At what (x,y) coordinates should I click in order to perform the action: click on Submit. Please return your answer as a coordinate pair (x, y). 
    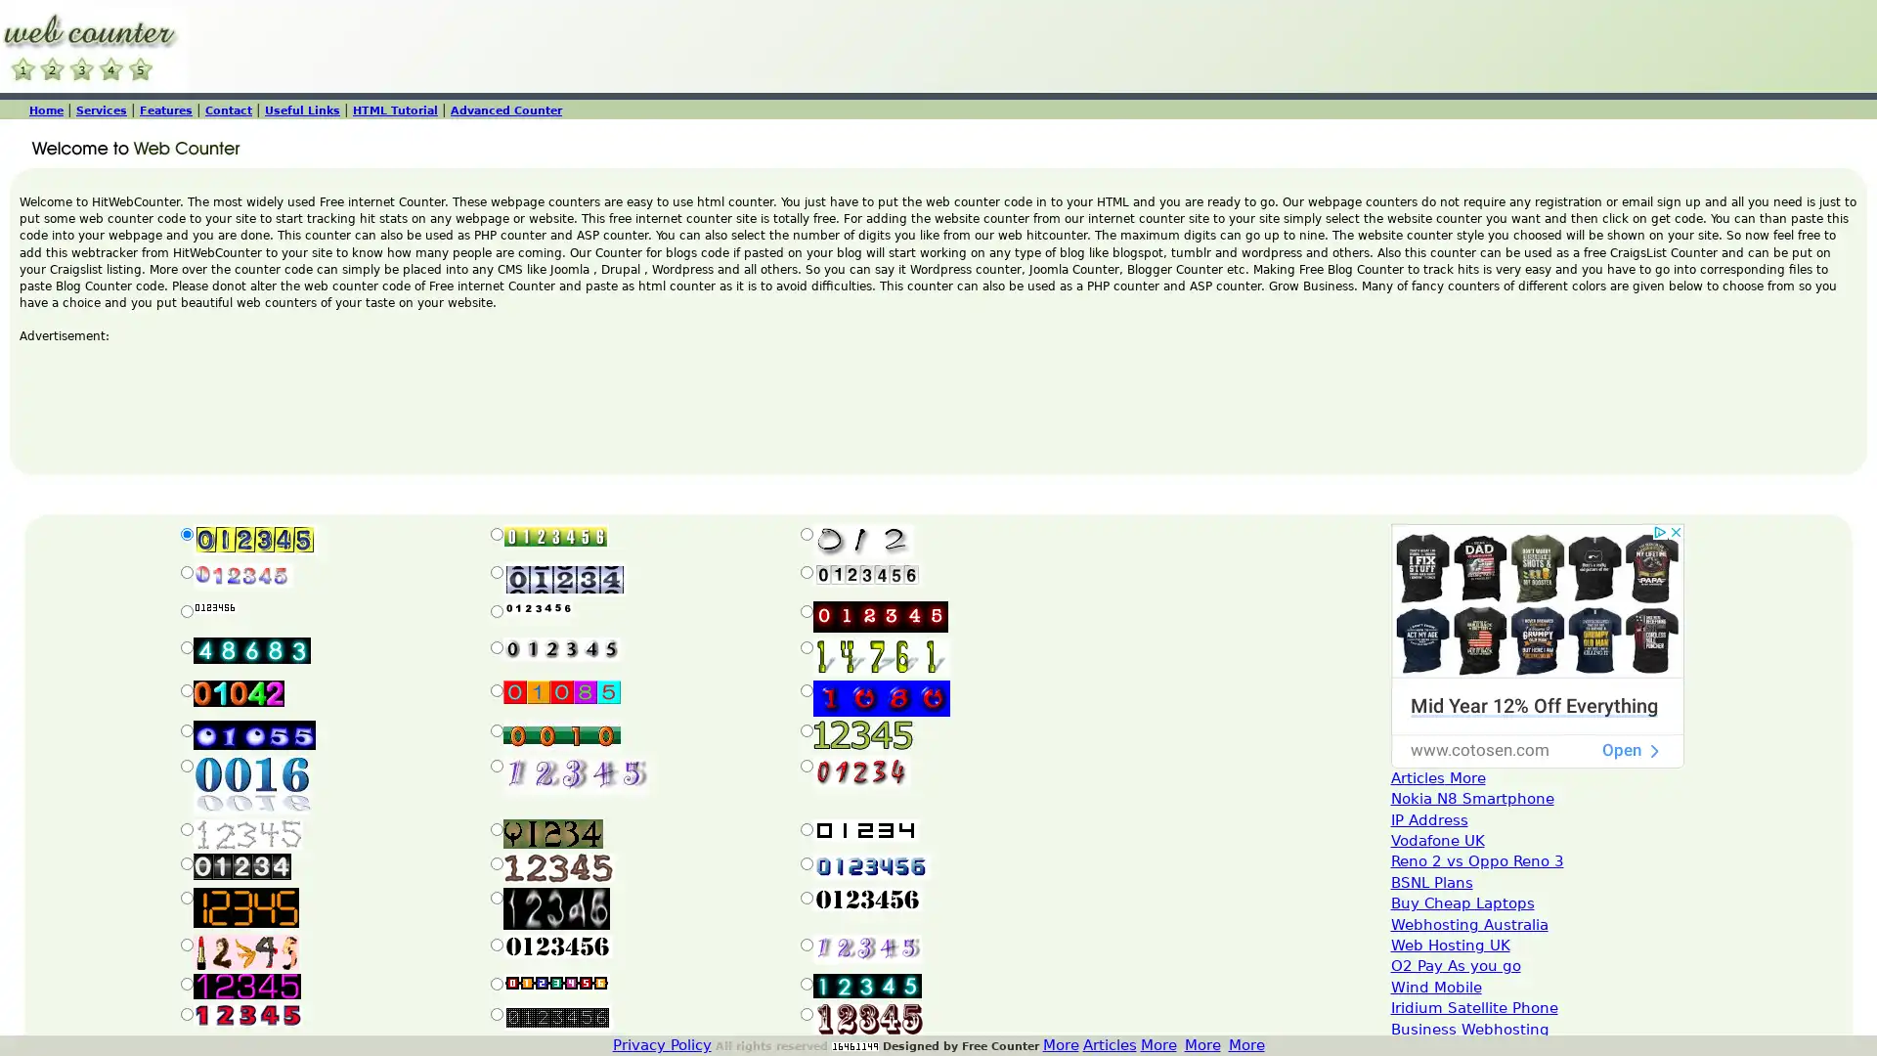
    Looking at the image, I should click on (860, 769).